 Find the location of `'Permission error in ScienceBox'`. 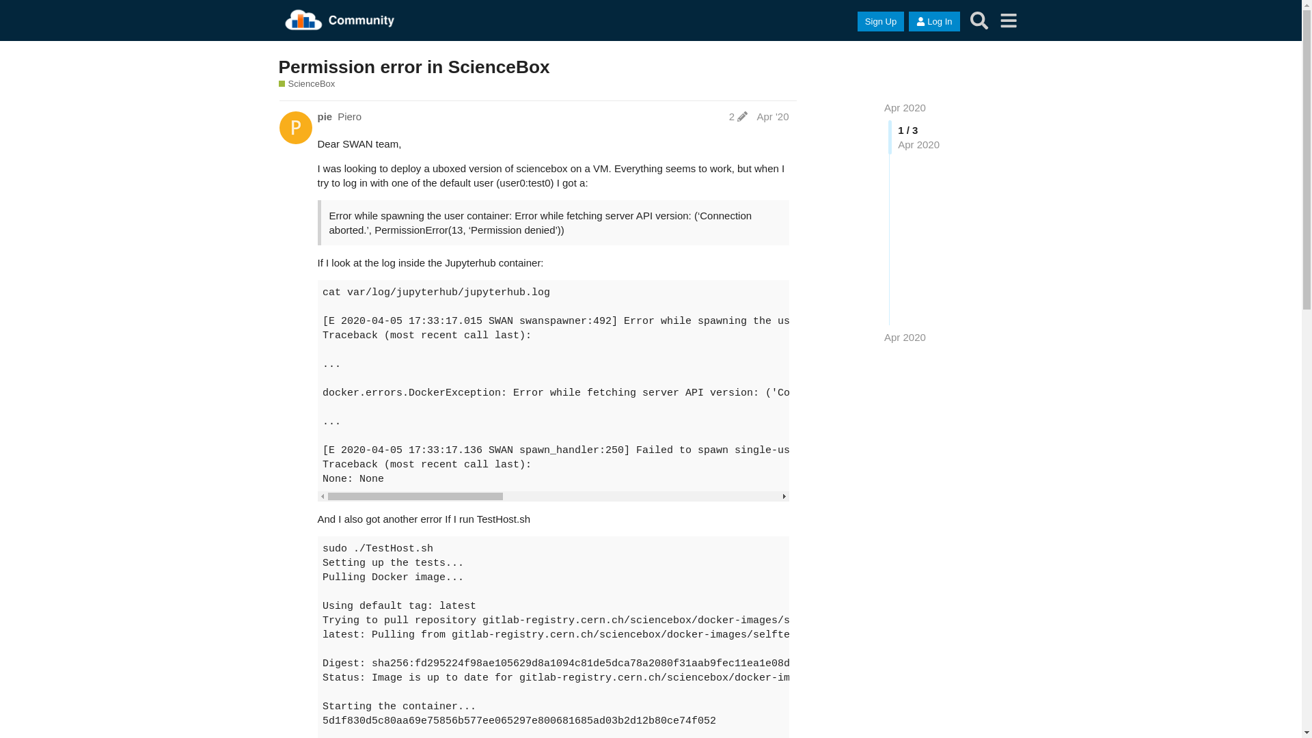

'Permission error in ScienceBox' is located at coordinates (413, 66).